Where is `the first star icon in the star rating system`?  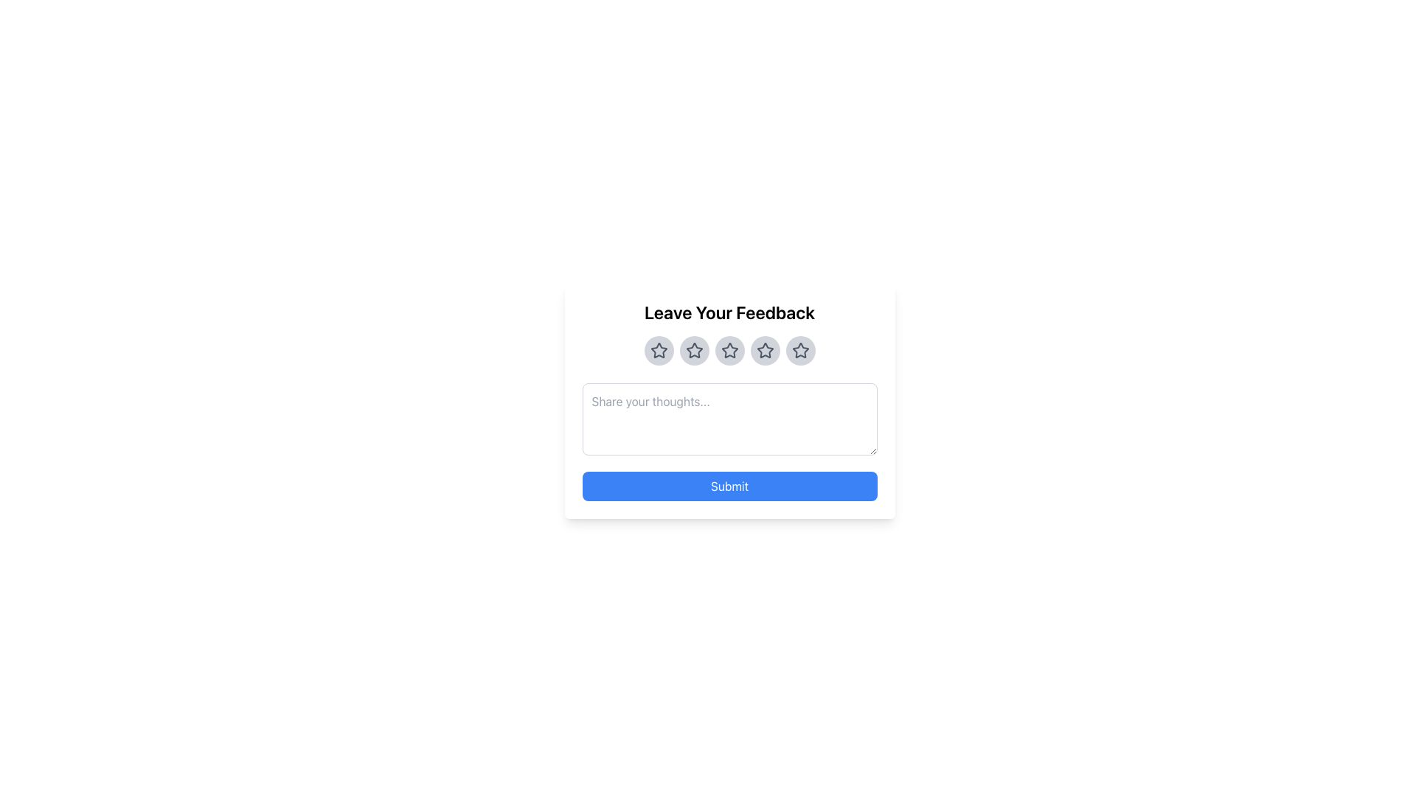
the first star icon in the star rating system is located at coordinates (658, 350).